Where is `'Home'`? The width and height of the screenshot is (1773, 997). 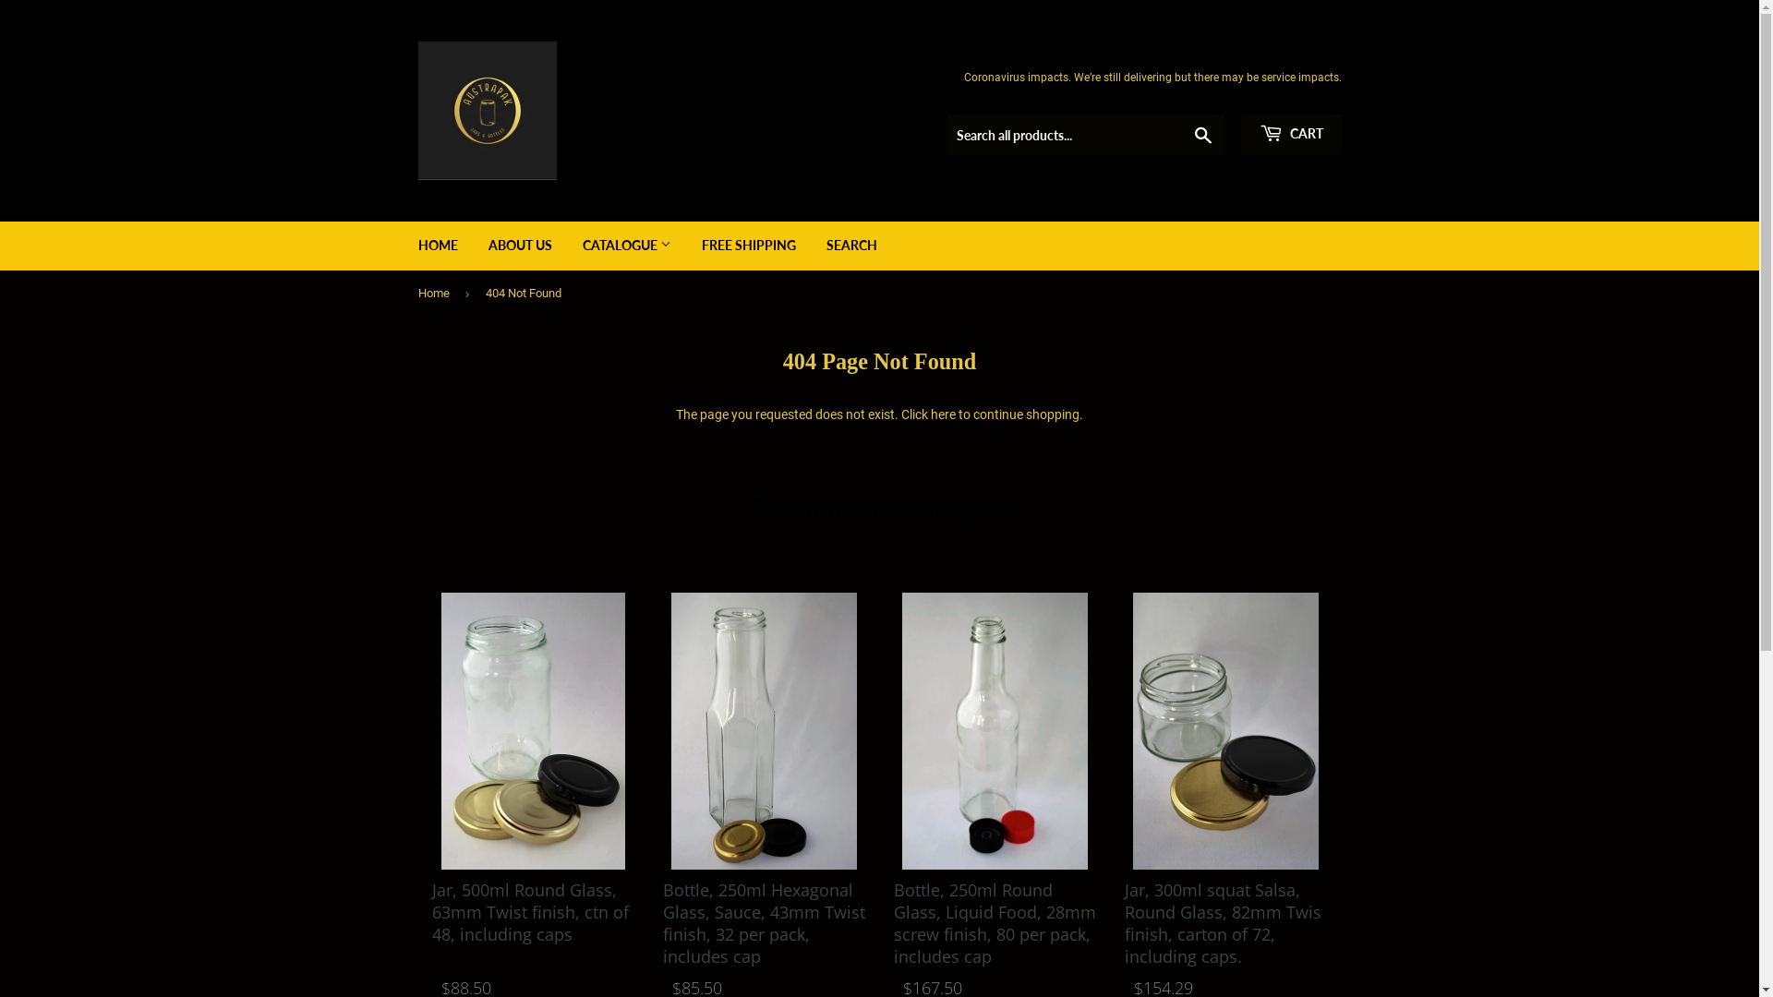
'Home' is located at coordinates (443, 292).